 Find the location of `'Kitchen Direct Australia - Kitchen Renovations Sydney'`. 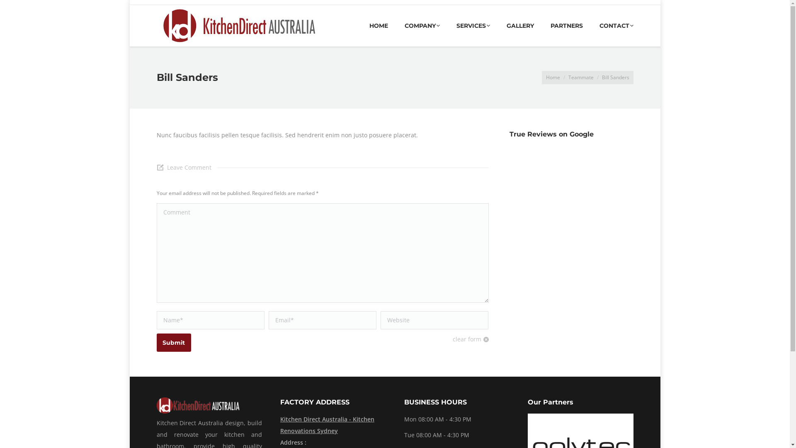

'Kitchen Direct Australia - Kitchen Renovations Sydney' is located at coordinates (333, 425).